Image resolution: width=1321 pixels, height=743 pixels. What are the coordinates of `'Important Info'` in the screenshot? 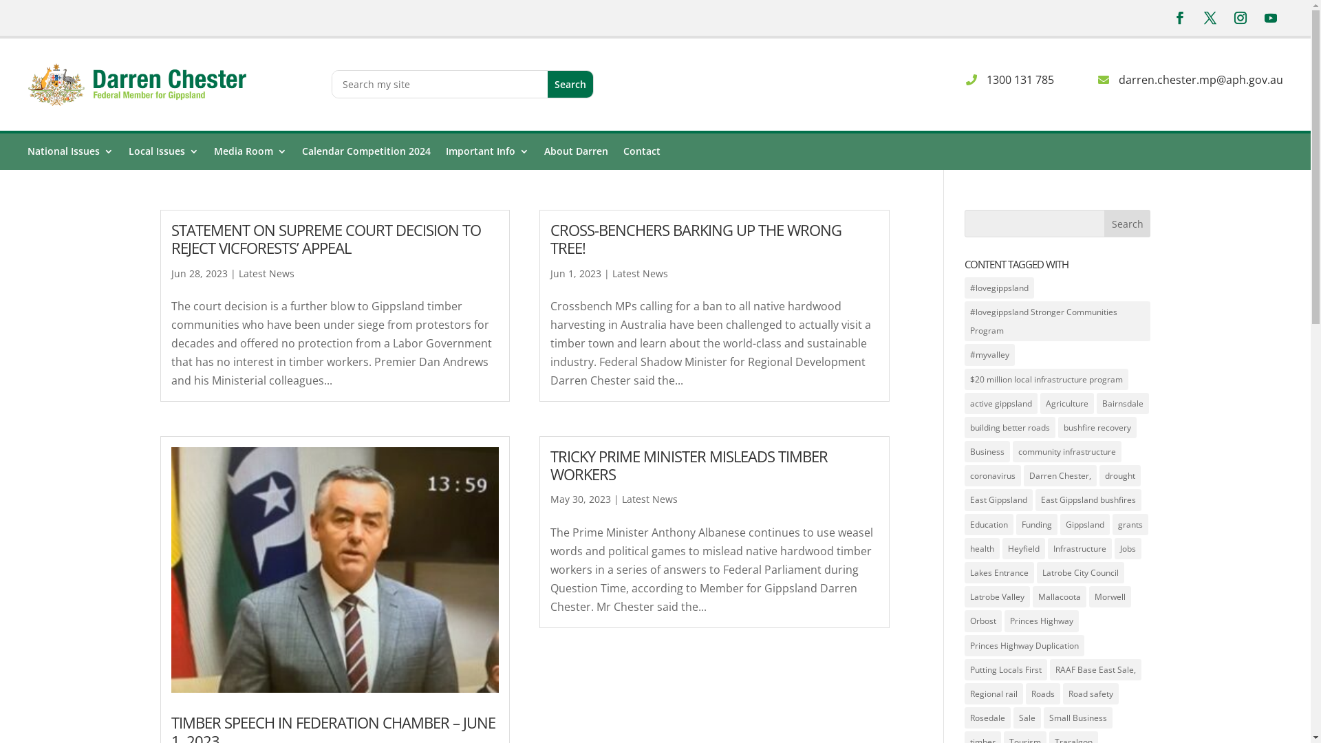 It's located at (487, 153).